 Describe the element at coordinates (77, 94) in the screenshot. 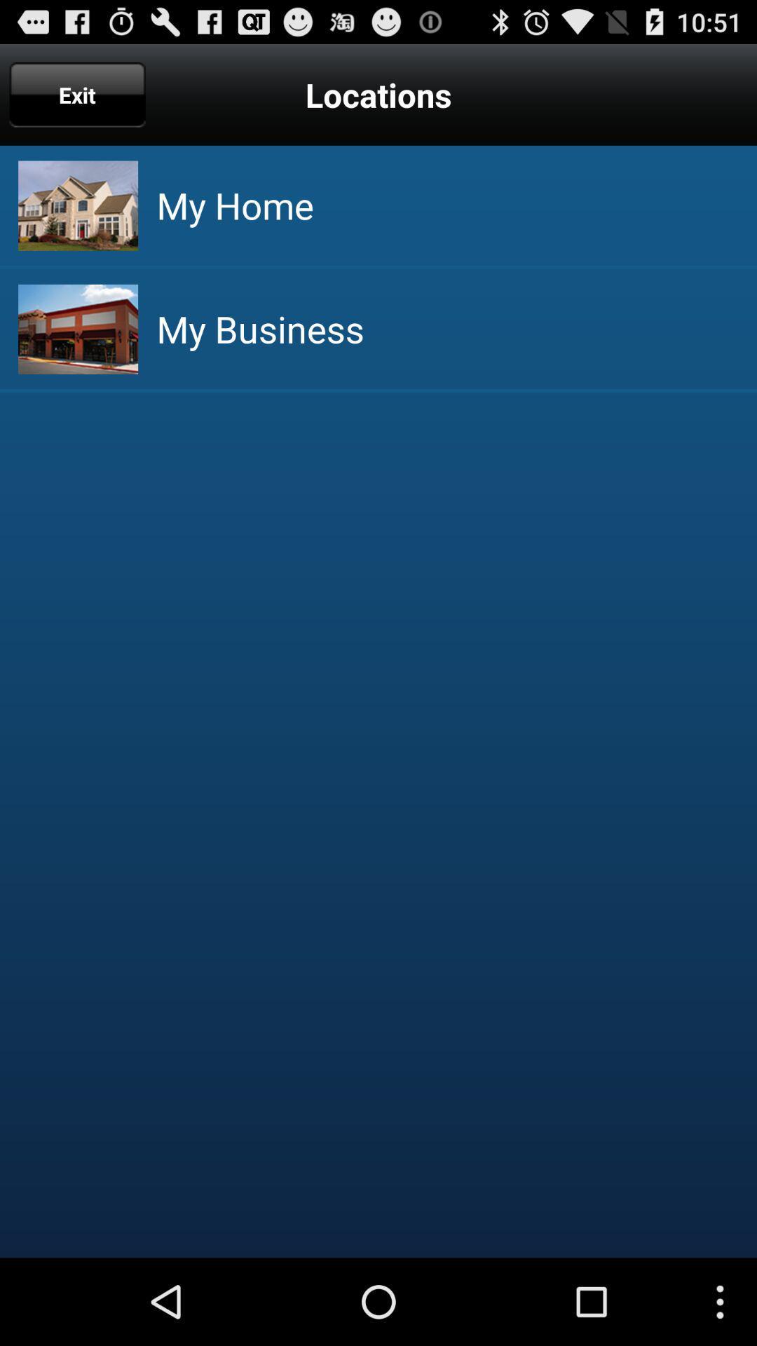

I see `the app next to the locations app` at that location.